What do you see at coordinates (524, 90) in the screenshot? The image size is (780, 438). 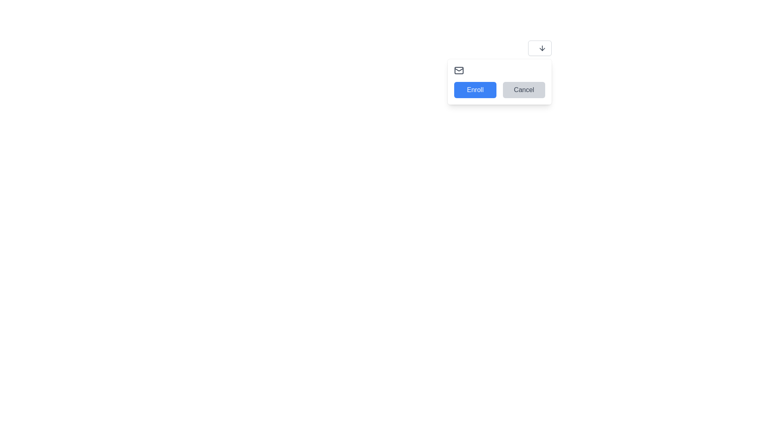 I see `the 'Cancel' button, which is a light gray rectangular button with rounded corners and labeled in dark gray text` at bounding box center [524, 90].